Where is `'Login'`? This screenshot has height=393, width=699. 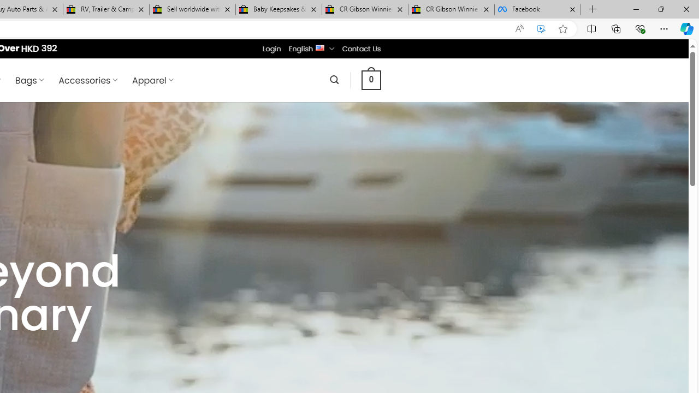 'Login' is located at coordinates (271, 48).